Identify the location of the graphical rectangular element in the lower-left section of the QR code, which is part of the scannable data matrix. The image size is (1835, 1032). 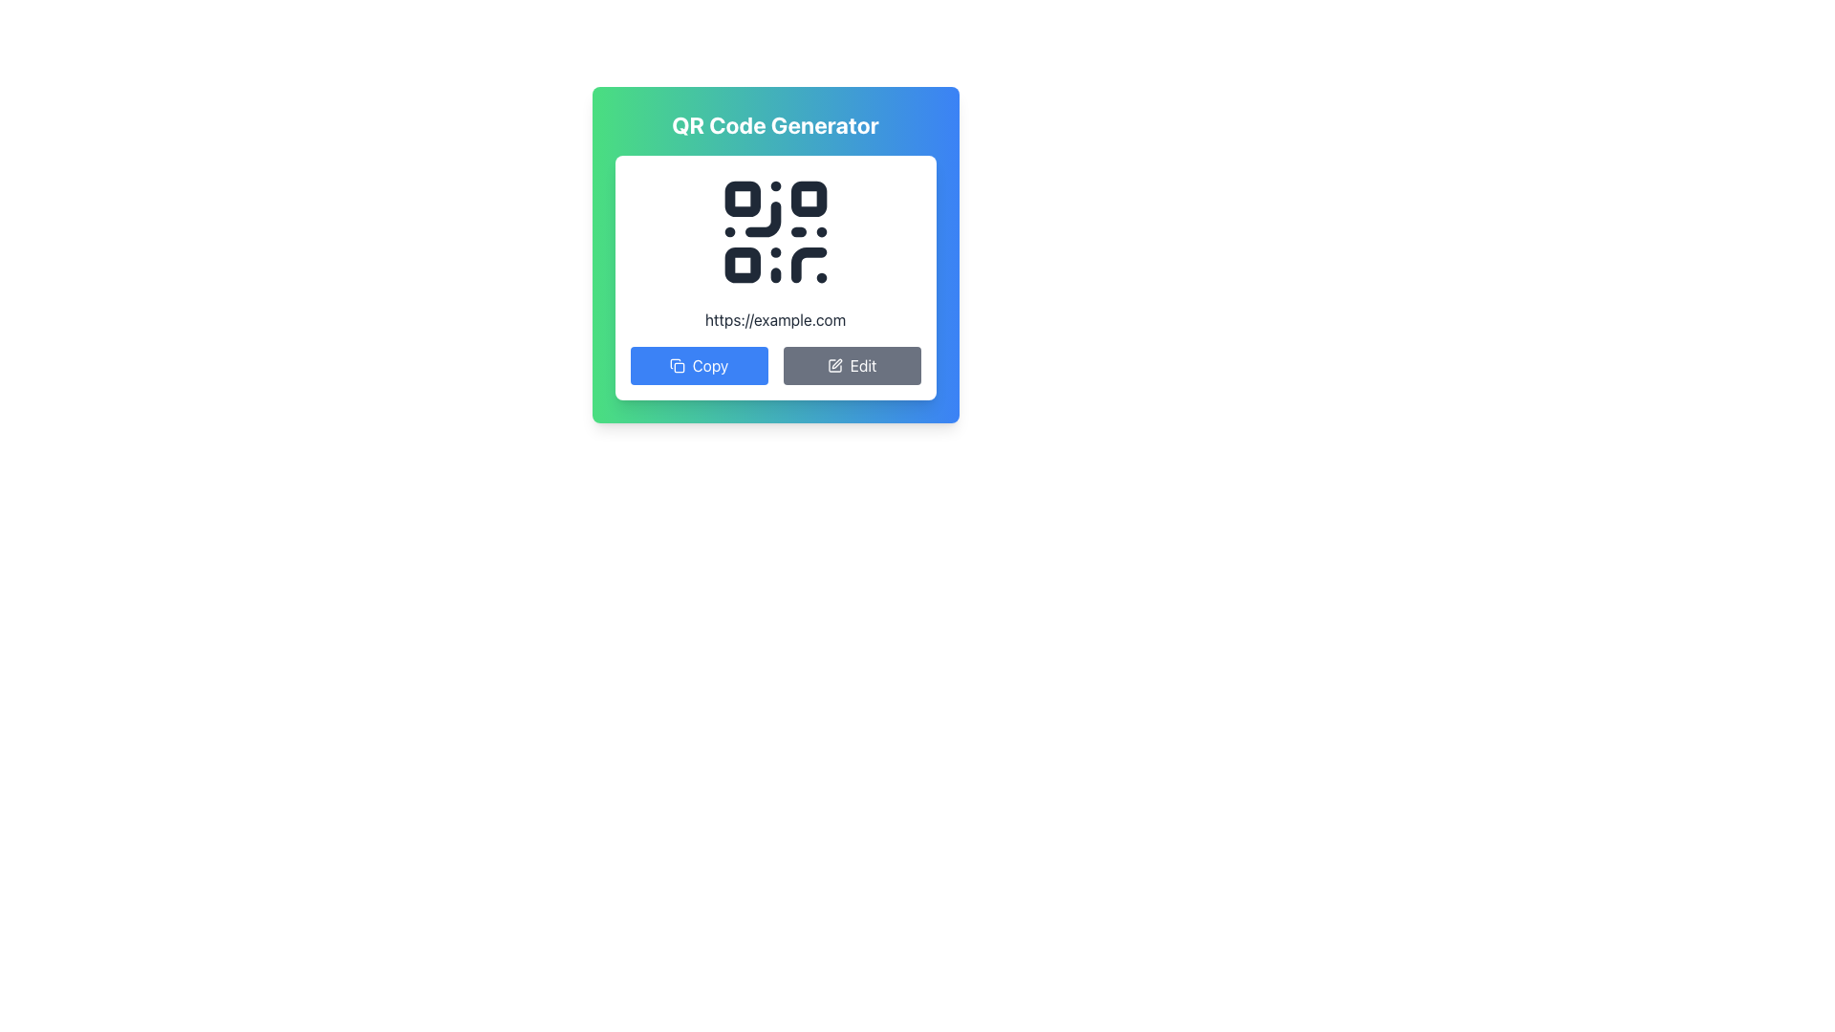
(741, 265).